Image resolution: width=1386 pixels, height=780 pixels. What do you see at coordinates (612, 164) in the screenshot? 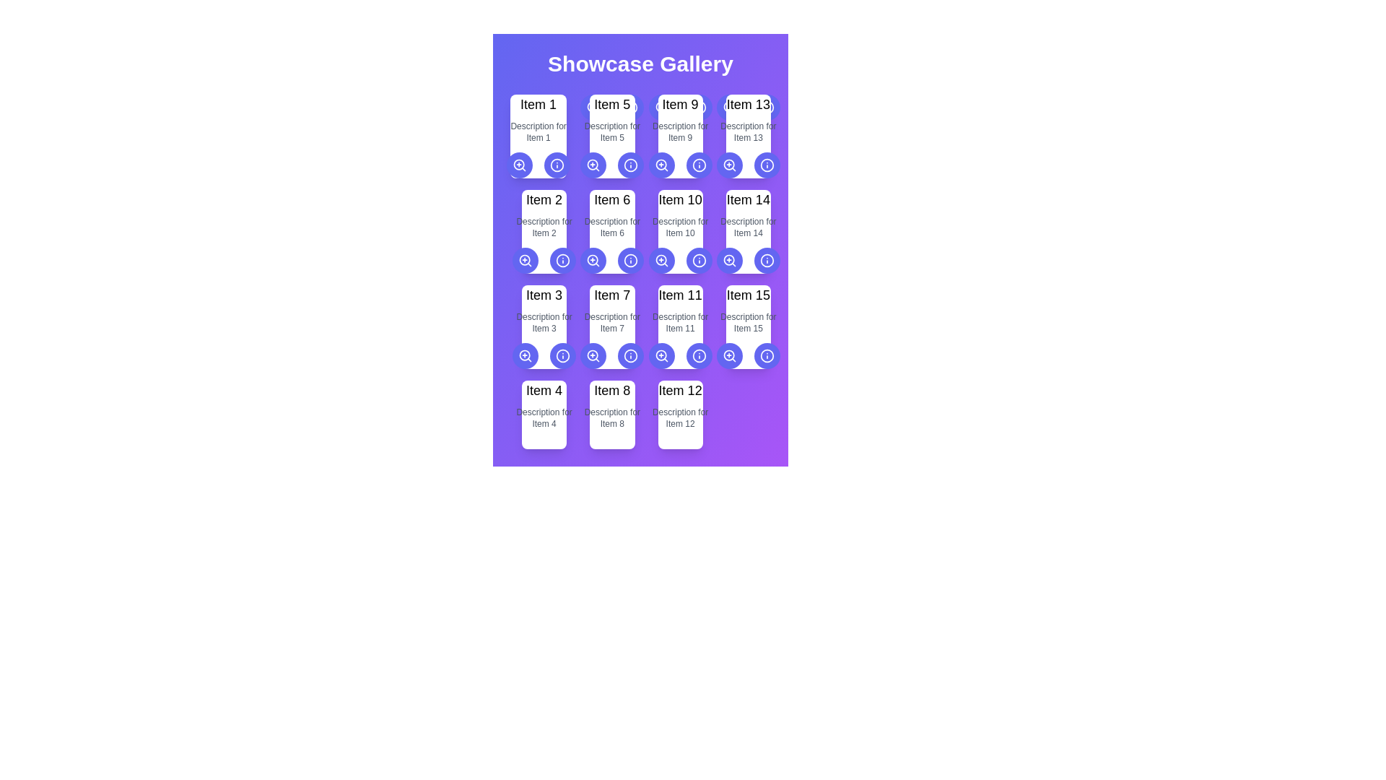
I see `the left button of the composite UI component for 'Item 5' to zoom into or magnify details related to the item` at bounding box center [612, 164].